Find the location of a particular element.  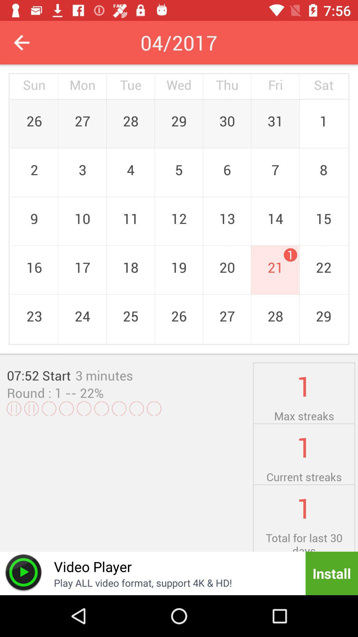

07:52 start item is located at coordinates (39, 375).